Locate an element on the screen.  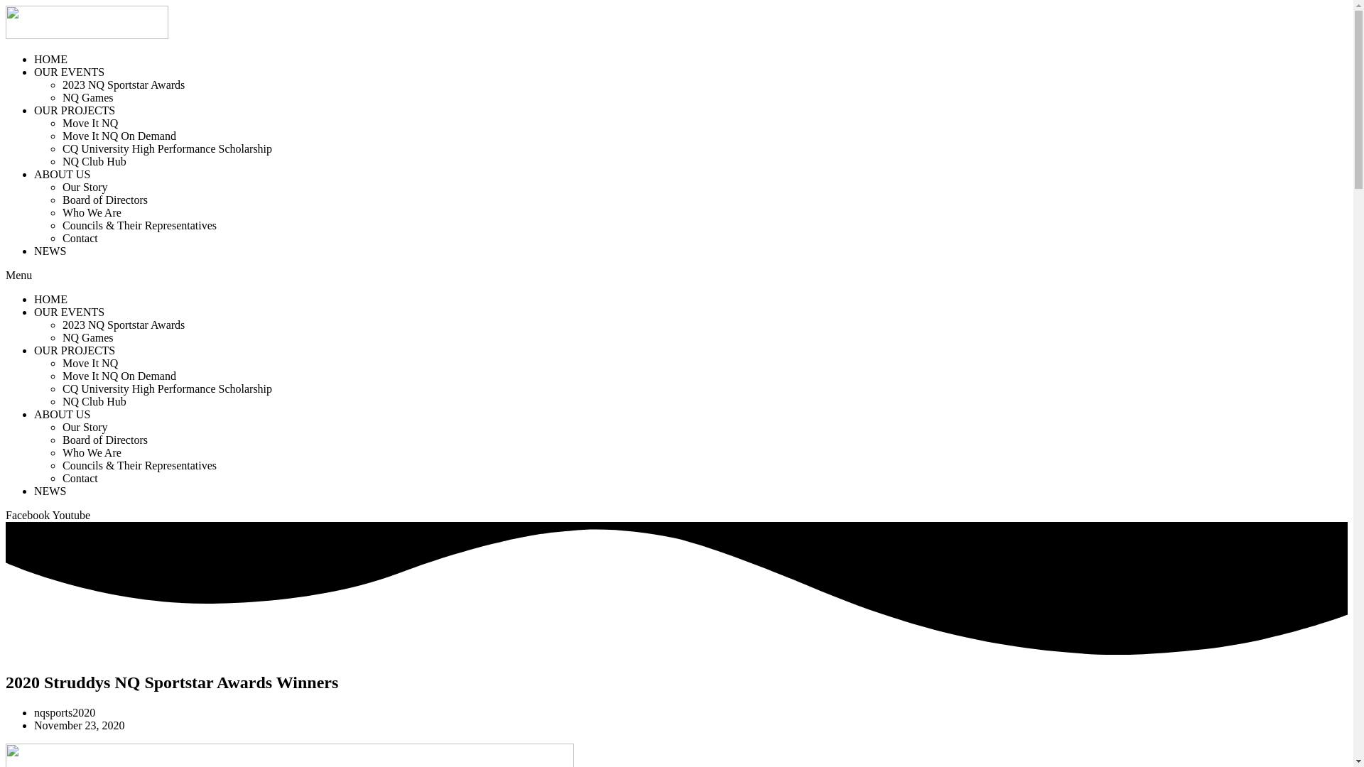
'HOME' is located at coordinates (50, 58).